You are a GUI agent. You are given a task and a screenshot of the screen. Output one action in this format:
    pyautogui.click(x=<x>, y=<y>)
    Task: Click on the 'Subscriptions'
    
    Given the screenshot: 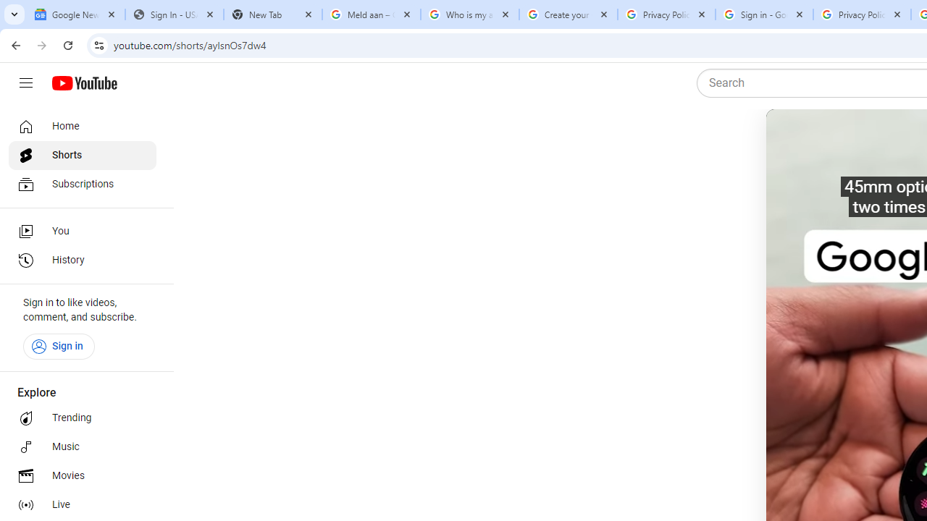 What is the action you would take?
    pyautogui.click(x=81, y=183)
    